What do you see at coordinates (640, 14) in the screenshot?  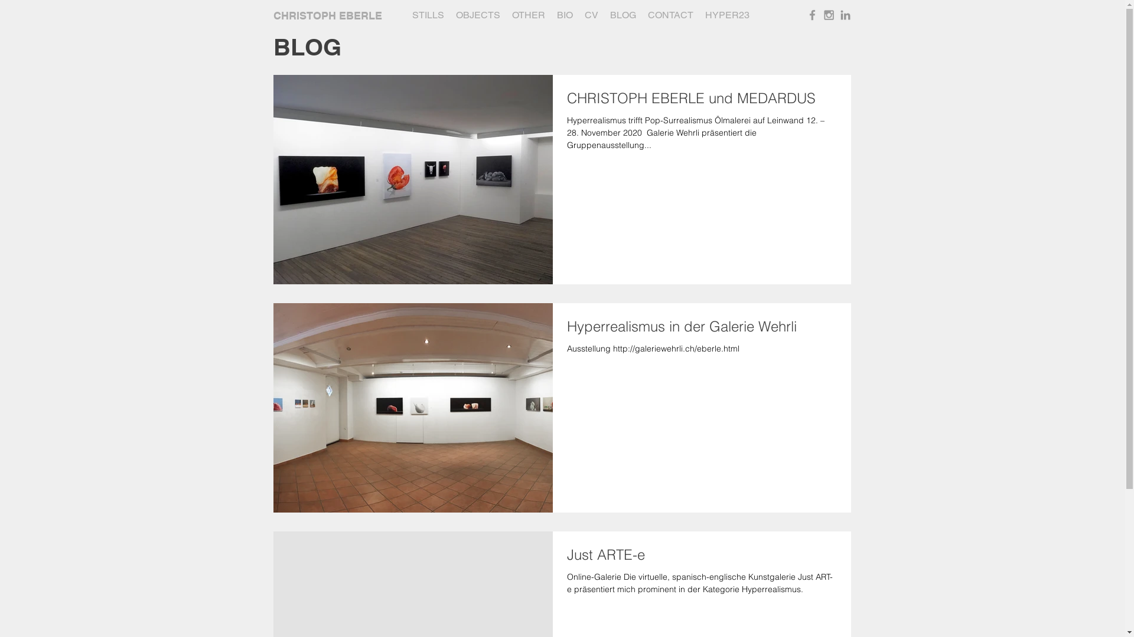 I see `'CONTACT'` at bounding box center [640, 14].